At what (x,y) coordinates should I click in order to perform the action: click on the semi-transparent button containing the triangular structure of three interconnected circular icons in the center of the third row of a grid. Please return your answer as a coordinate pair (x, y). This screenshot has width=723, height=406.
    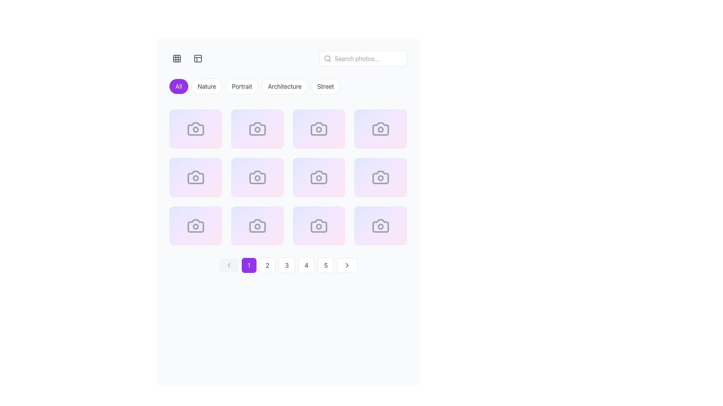
    Looking at the image, I should click on (261, 185).